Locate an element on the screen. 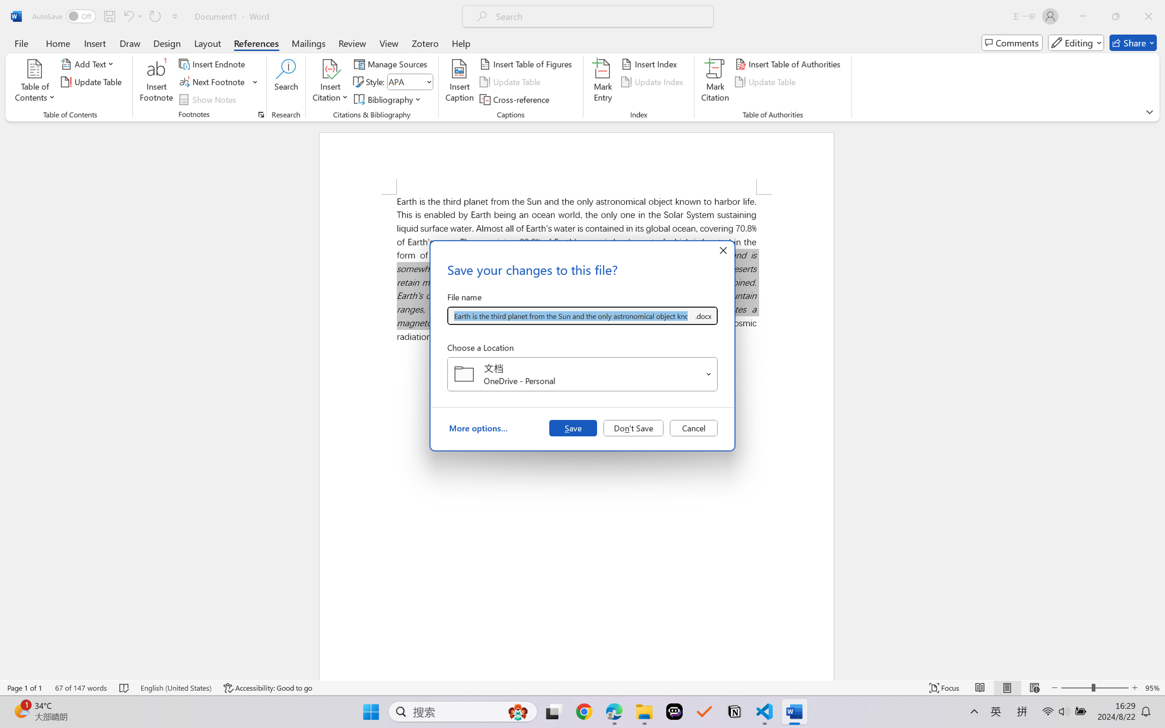 The height and width of the screenshot is (728, 1165). 'Repeat Doc Close' is located at coordinates (154, 16).